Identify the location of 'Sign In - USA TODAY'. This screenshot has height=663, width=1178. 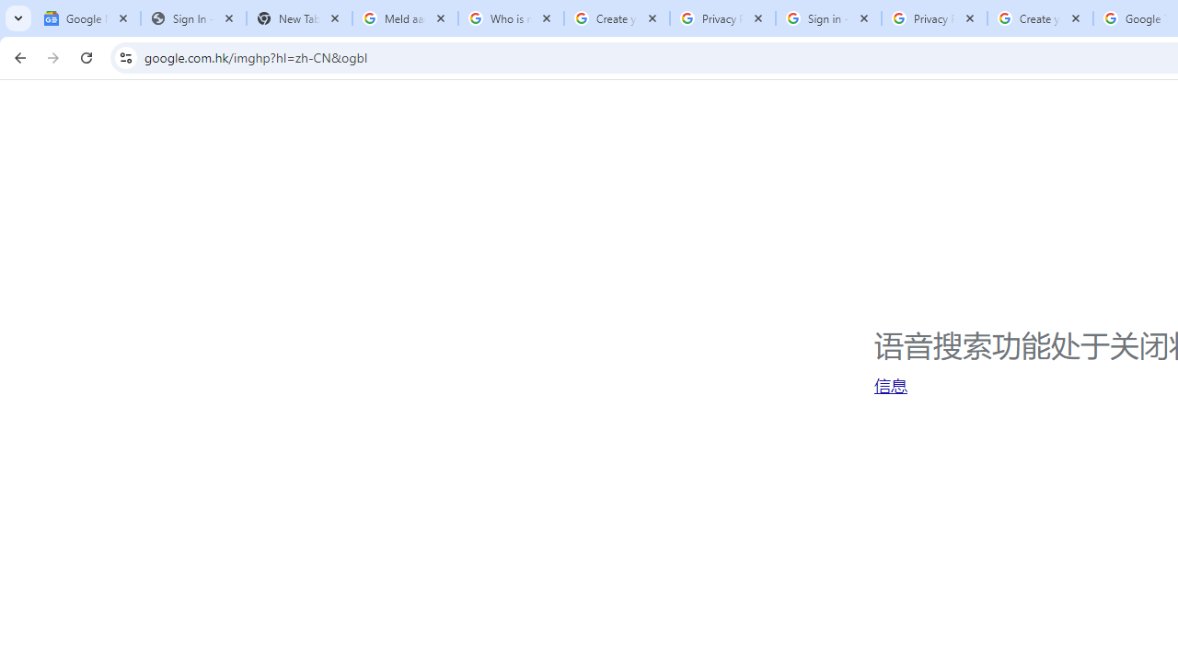
(192, 18).